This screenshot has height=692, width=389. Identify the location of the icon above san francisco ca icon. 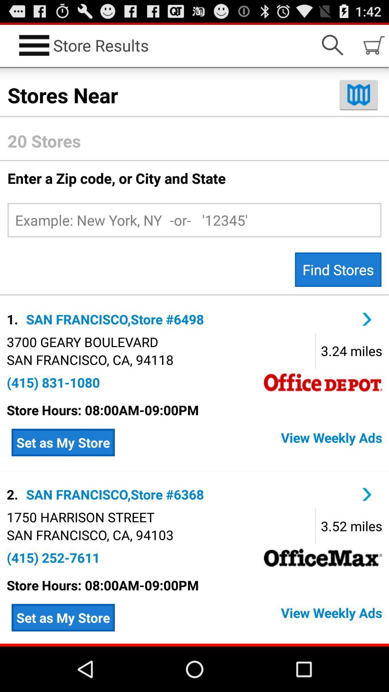
(82, 341).